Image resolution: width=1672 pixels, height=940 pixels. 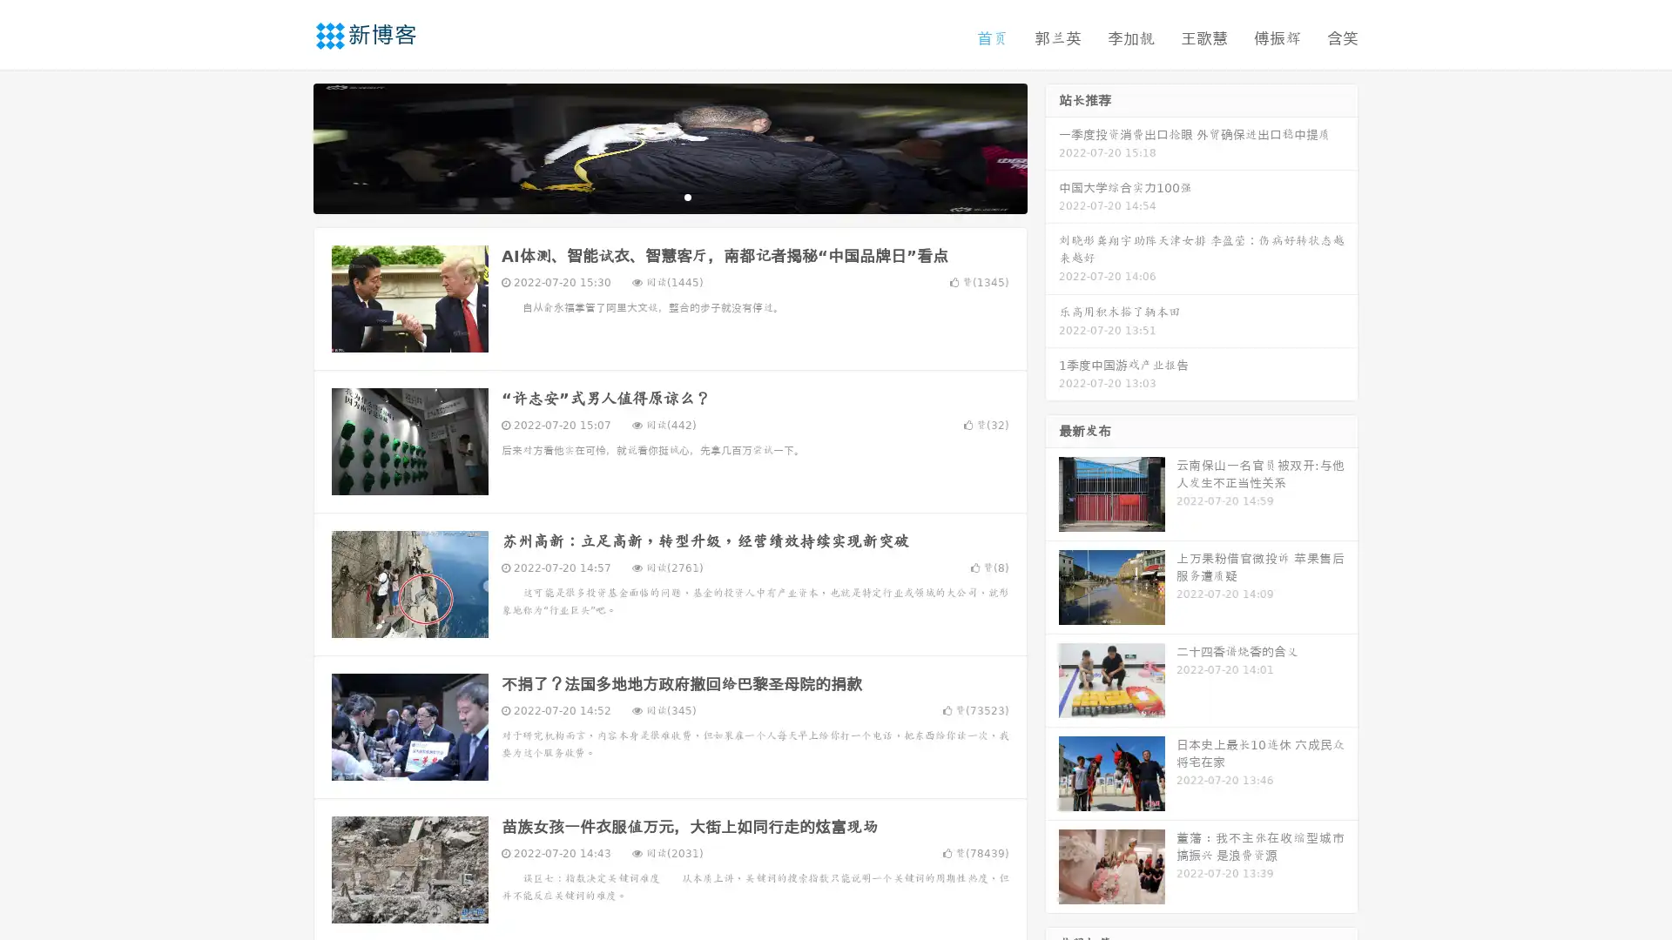 What do you see at coordinates (669, 196) in the screenshot?
I see `Go to slide 2` at bounding box center [669, 196].